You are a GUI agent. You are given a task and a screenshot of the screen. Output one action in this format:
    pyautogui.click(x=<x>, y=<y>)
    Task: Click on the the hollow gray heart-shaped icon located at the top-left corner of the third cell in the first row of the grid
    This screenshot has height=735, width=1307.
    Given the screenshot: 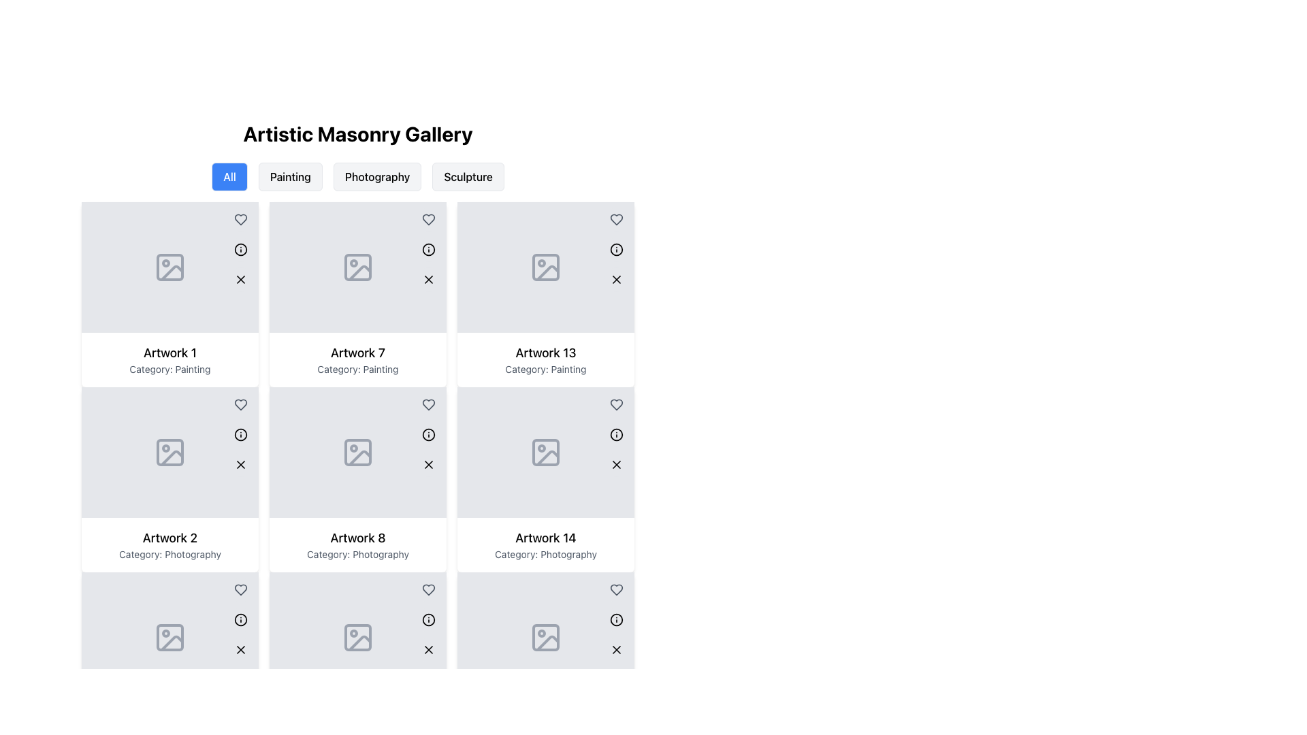 What is the action you would take?
    pyautogui.click(x=616, y=219)
    